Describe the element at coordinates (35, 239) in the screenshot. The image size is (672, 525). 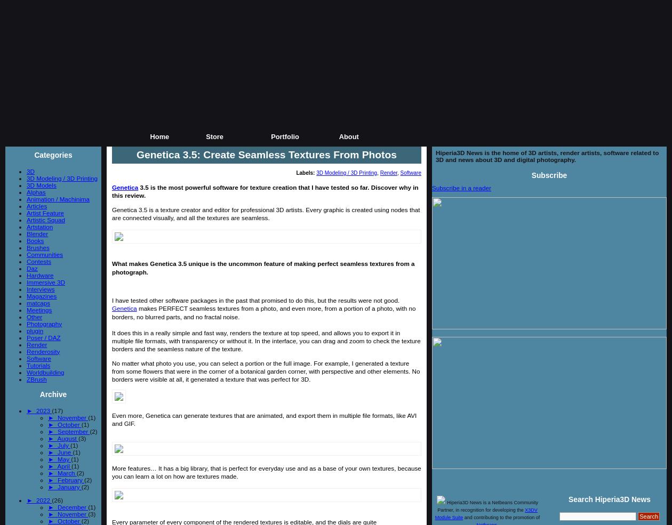
I see `'Books'` at that location.